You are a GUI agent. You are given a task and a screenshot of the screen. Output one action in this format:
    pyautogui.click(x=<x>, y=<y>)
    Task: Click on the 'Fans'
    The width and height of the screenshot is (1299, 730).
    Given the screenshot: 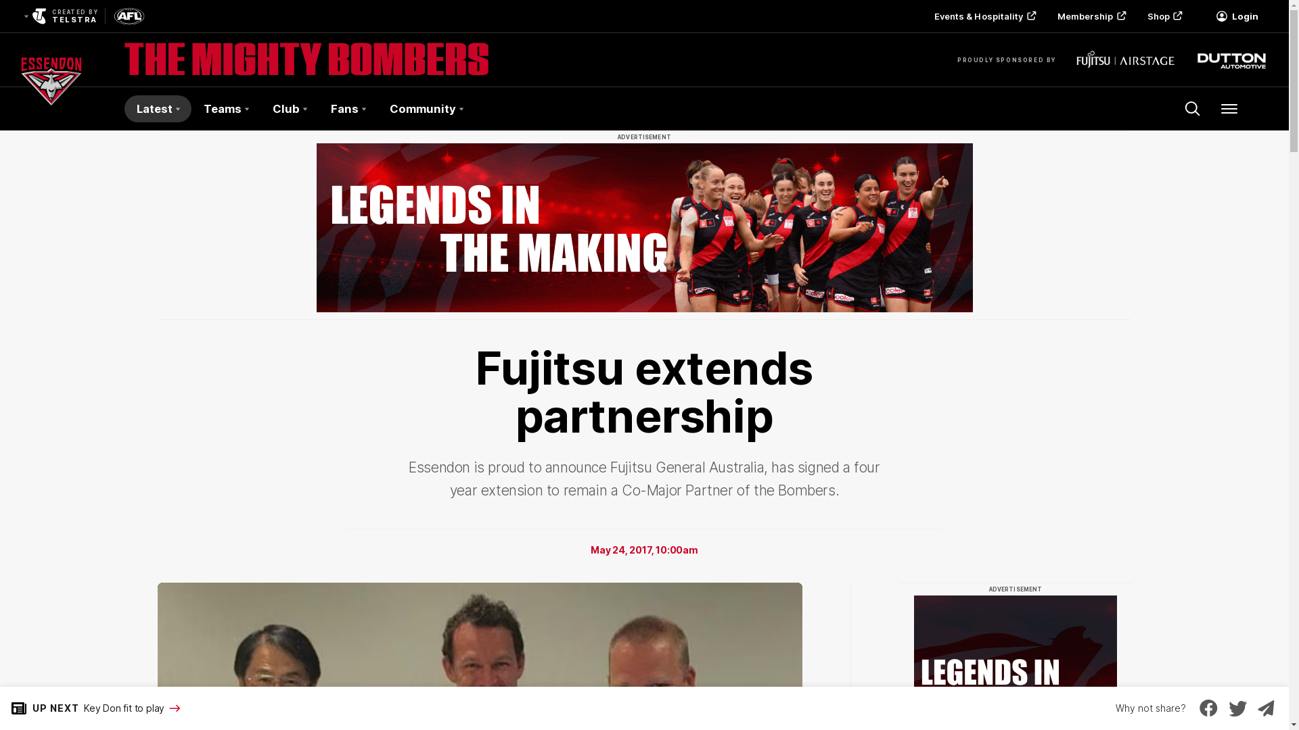 What is the action you would take?
    pyautogui.click(x=317, y=108)
    